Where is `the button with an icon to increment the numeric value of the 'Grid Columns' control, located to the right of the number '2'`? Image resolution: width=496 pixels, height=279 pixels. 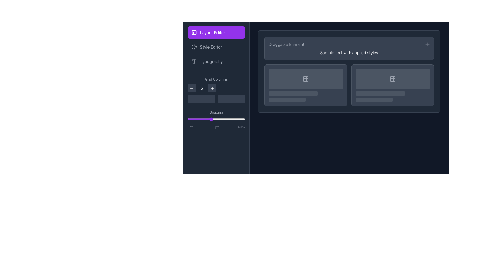 the button with an icon to increment the numeric value of the 'Grid Columns' control, located to the right of the number '2' is located at coordinates (212, 88).